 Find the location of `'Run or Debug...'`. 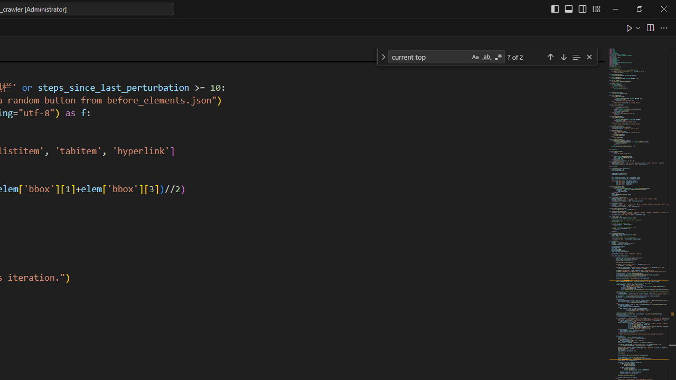

'Run or Debug...' is located at coordinates (637, 27).